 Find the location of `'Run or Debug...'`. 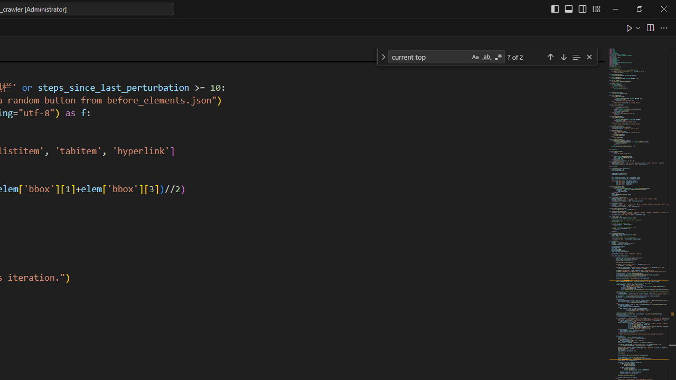

'Run or Debug...' is located at coordinates (637, 27).